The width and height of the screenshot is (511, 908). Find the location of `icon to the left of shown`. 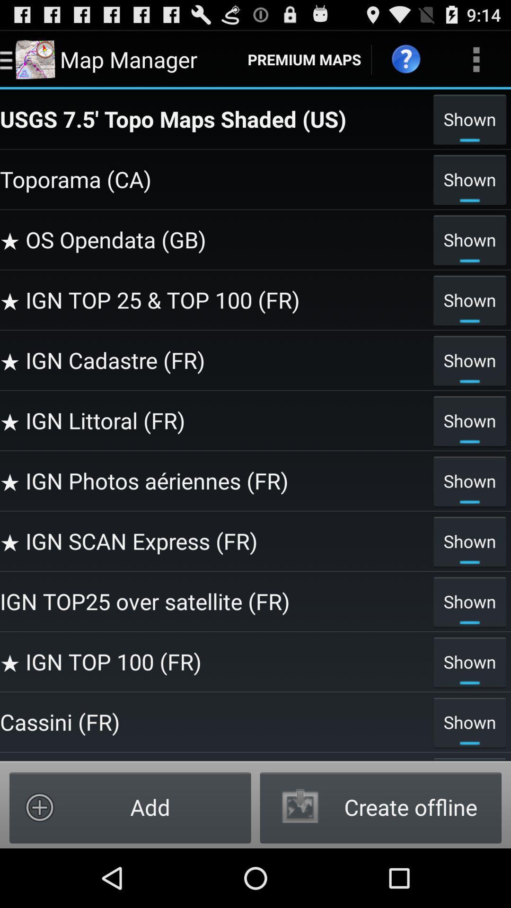

icon to the left of shown is located at coordinates (214, 118).